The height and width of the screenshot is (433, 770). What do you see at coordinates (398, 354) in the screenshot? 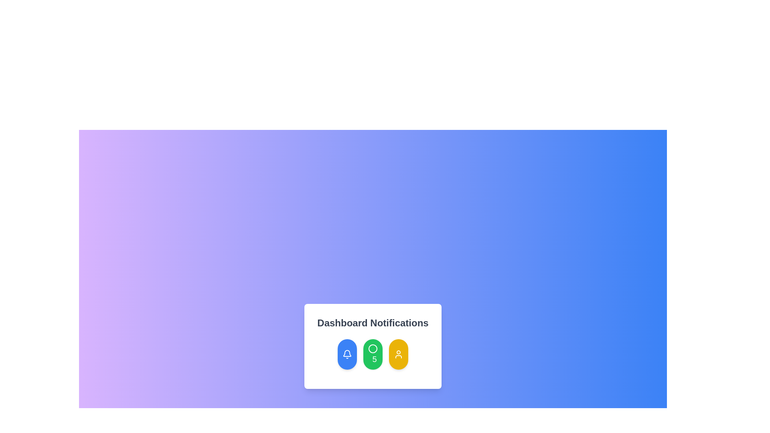
I see `the user silhouette icon embedded in the circular yellow button located at the far right of the three-button sequence in the 'Dashboard Notifications' card` at bounding box center [398, 354].